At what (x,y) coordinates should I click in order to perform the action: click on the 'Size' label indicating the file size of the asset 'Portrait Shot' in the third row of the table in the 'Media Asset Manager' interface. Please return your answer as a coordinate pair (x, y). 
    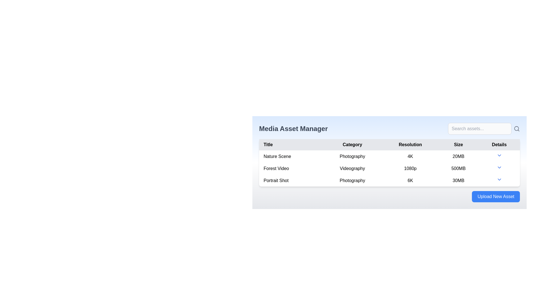
    Looking at the image, I should click on (458, 180).